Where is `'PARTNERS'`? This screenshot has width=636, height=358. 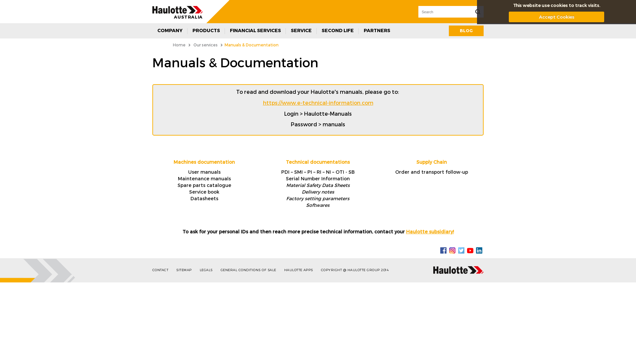
'PARTNERS' is located at coordinates (377, 30).